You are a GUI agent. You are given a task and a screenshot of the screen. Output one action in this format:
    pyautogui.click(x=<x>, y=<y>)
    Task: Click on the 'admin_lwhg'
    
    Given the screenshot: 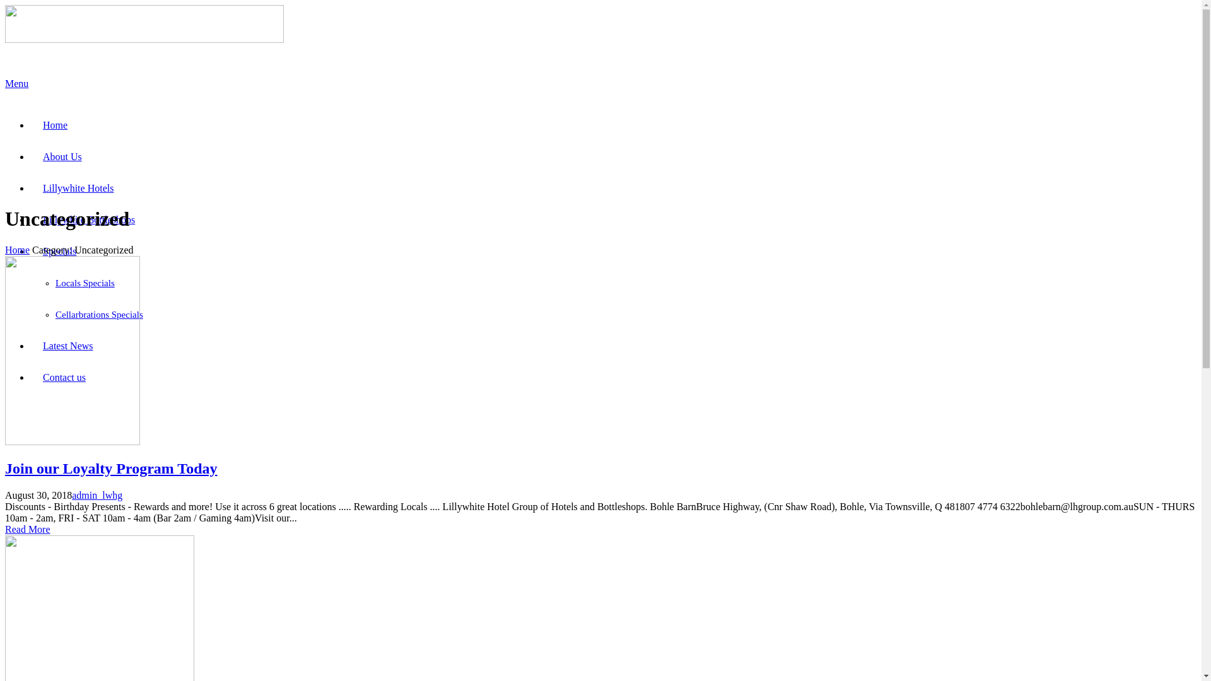 What is the action you would take?
    pyautogui.click(x=96, y=494)
    